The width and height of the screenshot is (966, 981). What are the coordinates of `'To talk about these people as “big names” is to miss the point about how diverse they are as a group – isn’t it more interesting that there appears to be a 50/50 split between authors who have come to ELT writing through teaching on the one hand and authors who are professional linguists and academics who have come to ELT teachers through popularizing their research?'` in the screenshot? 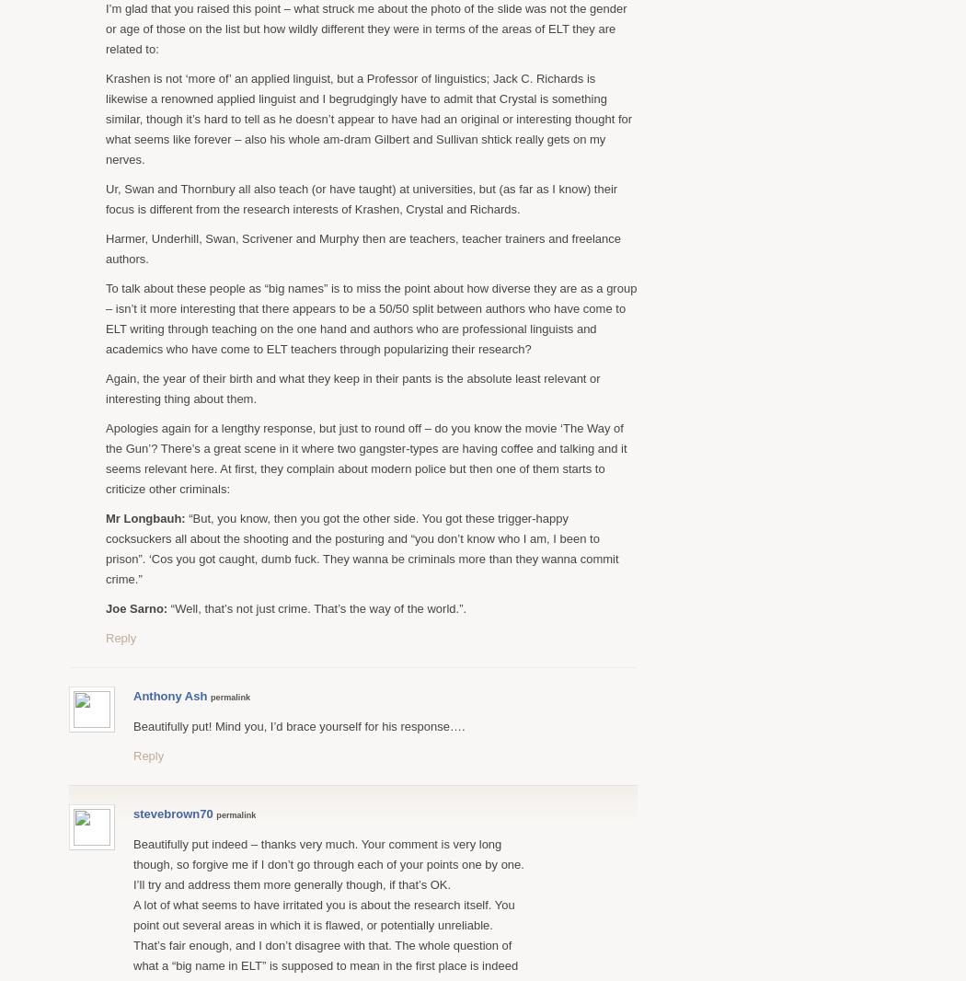 It's located at (371, 317).